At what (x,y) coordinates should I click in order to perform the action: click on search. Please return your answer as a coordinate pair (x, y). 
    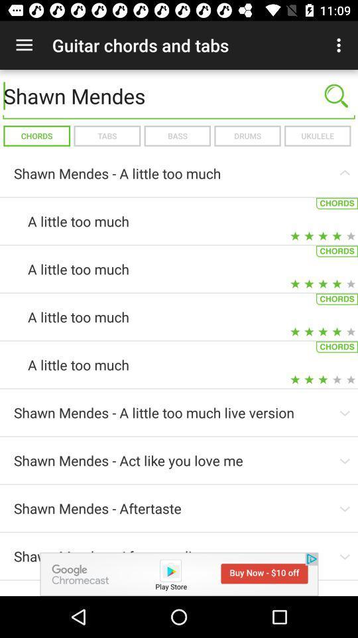
    Looking at the image, I should click on (336, 95).